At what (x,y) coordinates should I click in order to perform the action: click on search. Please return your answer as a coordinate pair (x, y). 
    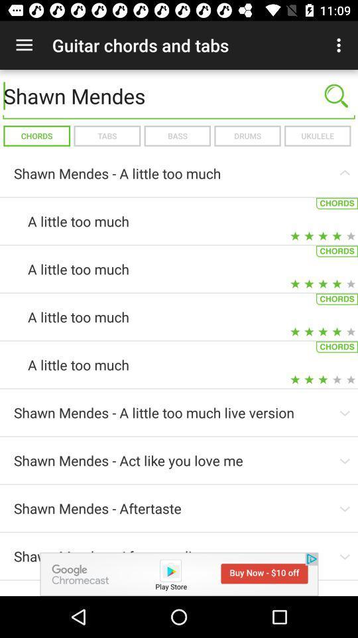
    Looking at the image, I should click on (336, 95).